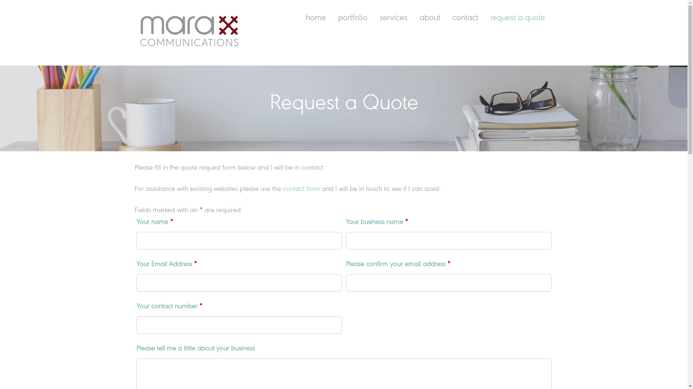 The height and width of the screenshot is (389, 693). I want to click on 'request a quote', so click(518, 18).